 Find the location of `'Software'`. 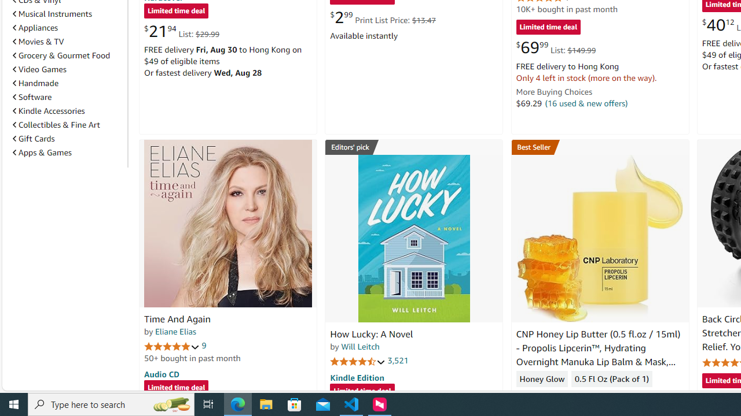

'Software' is located at coordinates (32, 96).